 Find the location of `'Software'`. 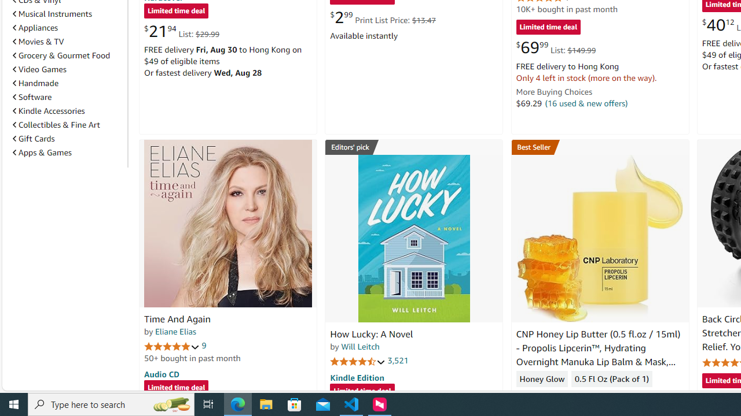

'Software' is located at coordinates (32, 96).